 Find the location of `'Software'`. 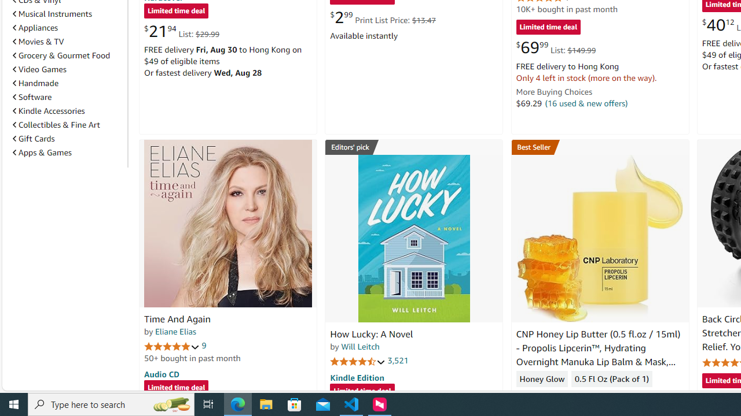

'Software' is located at coordinates (32, 96).